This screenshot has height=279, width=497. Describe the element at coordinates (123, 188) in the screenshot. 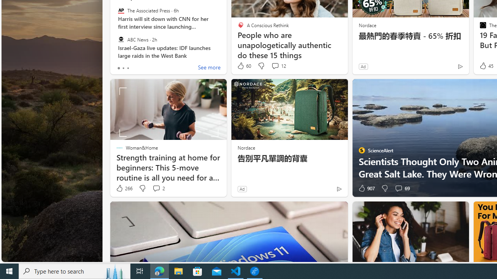

I see `'266 Like'` at that location.